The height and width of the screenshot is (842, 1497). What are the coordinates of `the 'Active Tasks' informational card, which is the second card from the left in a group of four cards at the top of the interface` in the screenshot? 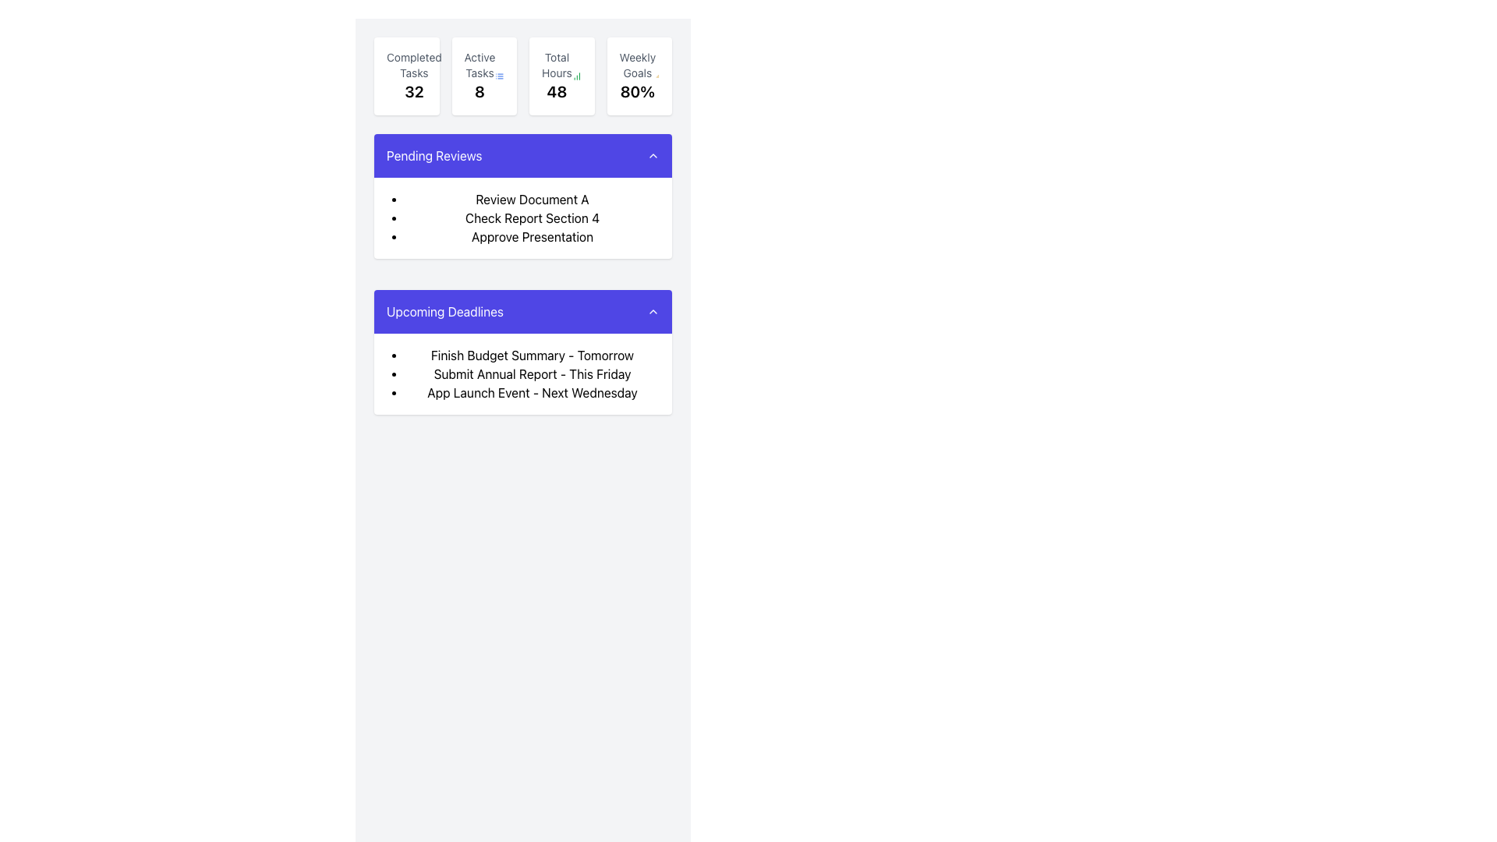 It's located at (483, 76).